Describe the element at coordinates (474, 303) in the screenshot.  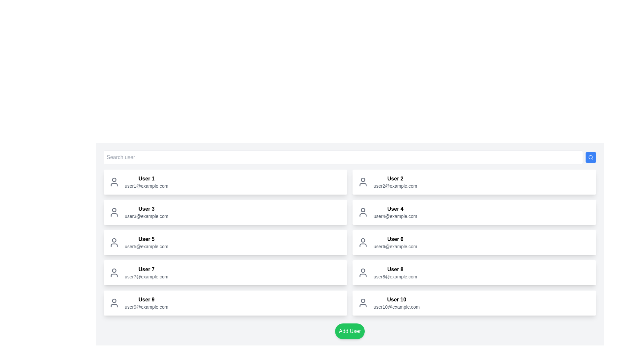
I see `the user card displaying 'User 10' and 'user10@example.com', which is located in the second column of the grid layout and is the last item in the fifth row` at that location.